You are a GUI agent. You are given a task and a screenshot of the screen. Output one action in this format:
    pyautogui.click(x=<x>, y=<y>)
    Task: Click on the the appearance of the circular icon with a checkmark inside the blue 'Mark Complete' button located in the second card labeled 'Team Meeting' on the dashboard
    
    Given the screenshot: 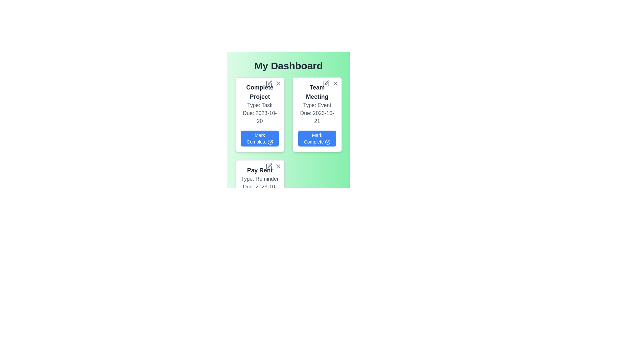 What is the action you would take?
    pyautogui.click(x=328, y=142)
    